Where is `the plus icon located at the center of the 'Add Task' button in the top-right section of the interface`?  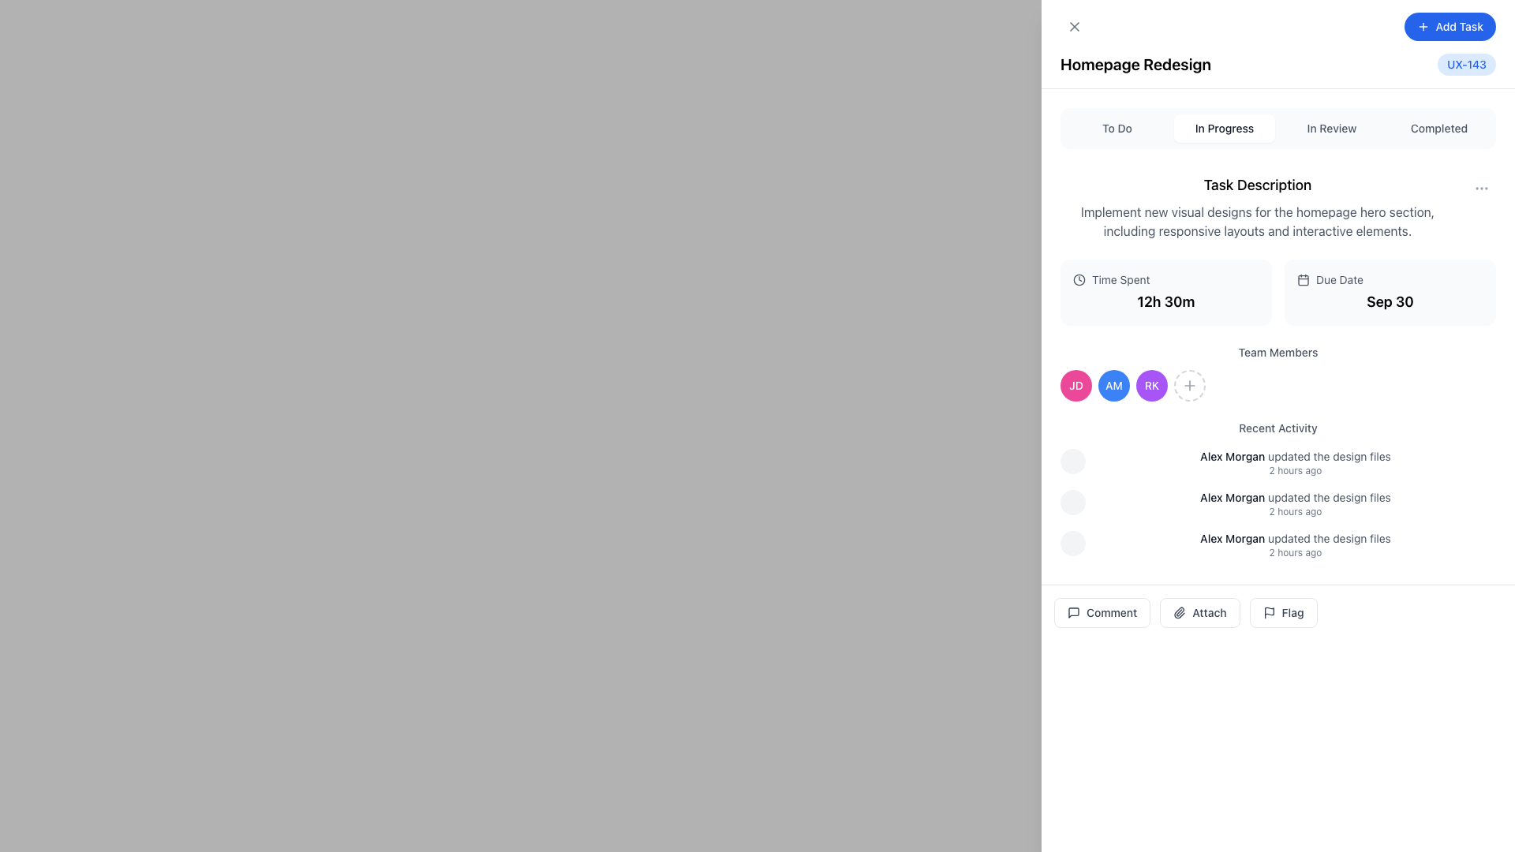
the plus icon located at the center of the 'Add Task' button in the top-right section of the interface is located at coordinates (1423, 27).